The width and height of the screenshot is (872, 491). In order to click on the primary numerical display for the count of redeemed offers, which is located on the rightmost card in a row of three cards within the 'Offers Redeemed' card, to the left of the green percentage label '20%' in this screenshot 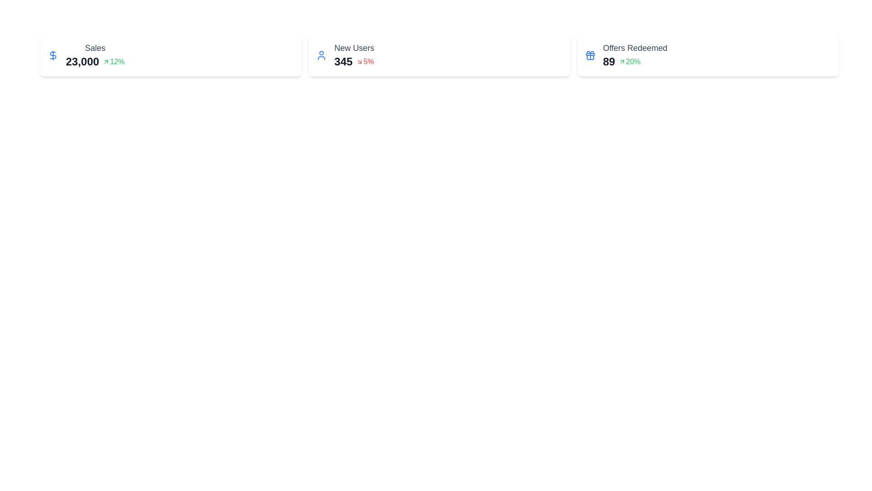, I will do `click(609, 61)`.